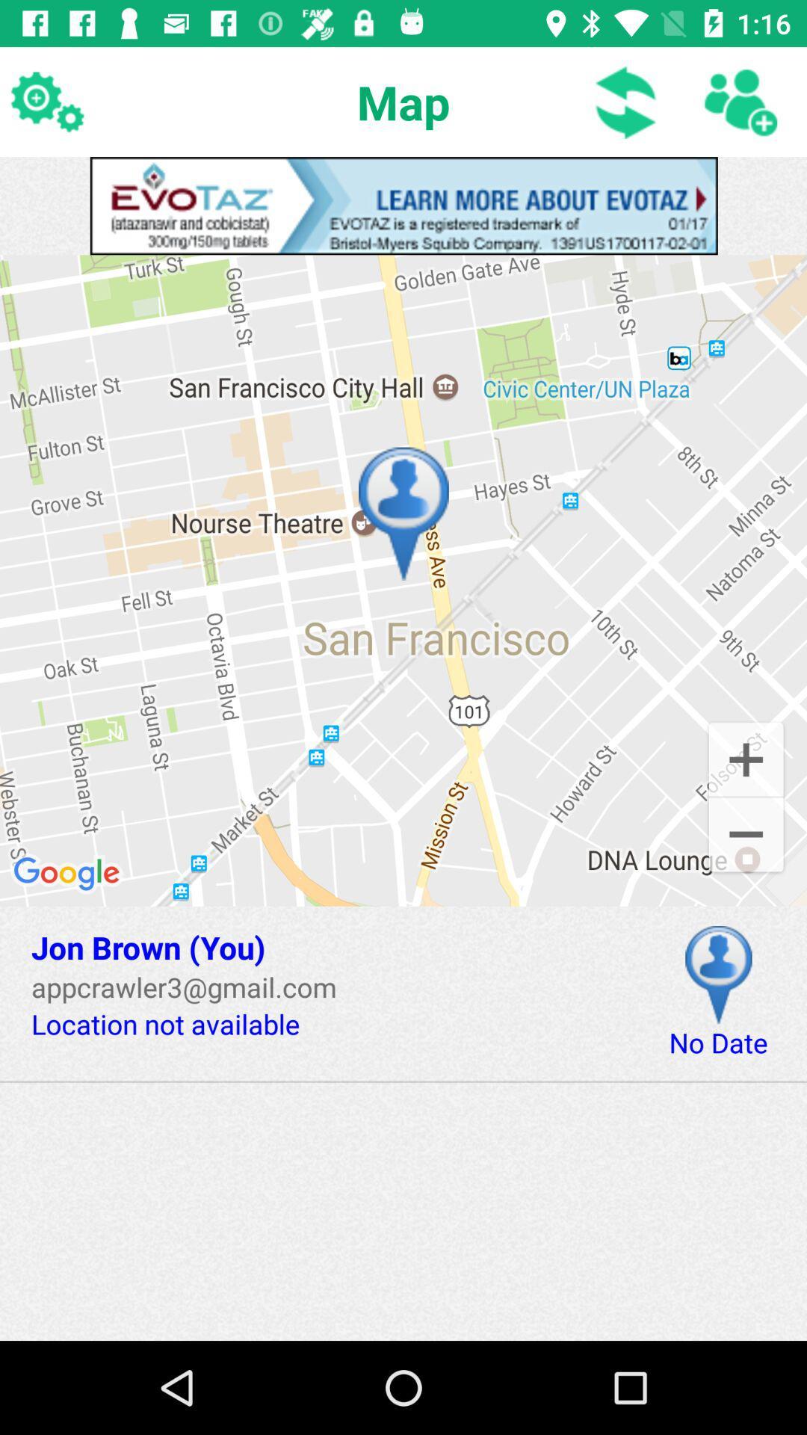  Describe the element at coordinates (740, 101) in the screenshot. I see `connect to friends` at that location.